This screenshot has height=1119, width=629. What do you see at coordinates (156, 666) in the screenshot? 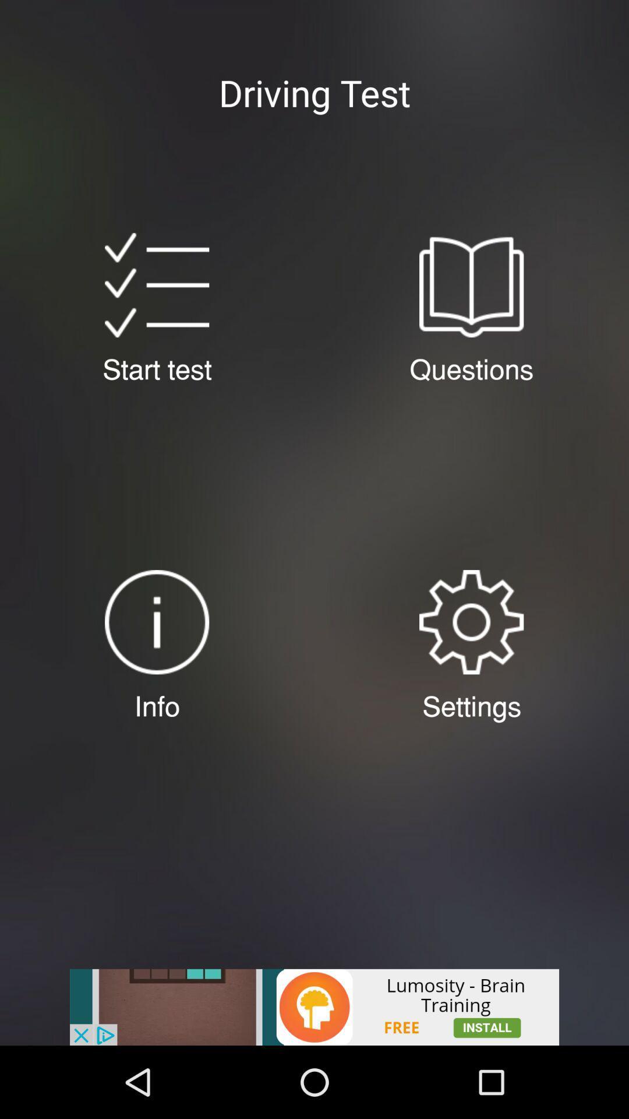
I see `the info icon` at bounding box center [156, 666].